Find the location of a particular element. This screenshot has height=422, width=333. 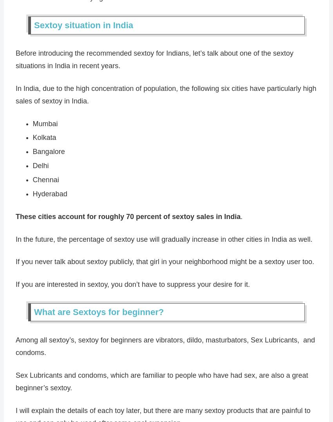

'Among all sextoy’s, sextoy for beginners are vibrators, dildo, masturbators, Sex Lubricants,  and condoms.' is located at coordinates (165, 346).